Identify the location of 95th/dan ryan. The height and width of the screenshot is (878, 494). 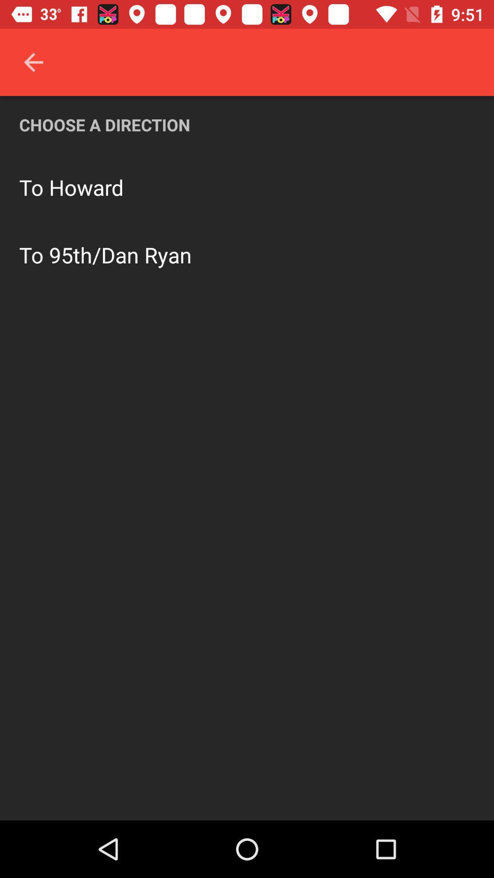
(120, 255).